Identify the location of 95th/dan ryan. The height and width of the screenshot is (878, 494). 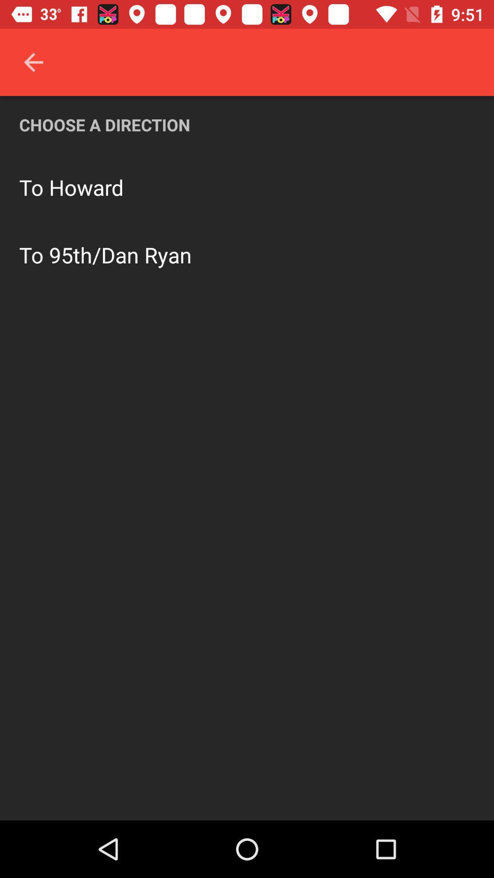
(120, 255).